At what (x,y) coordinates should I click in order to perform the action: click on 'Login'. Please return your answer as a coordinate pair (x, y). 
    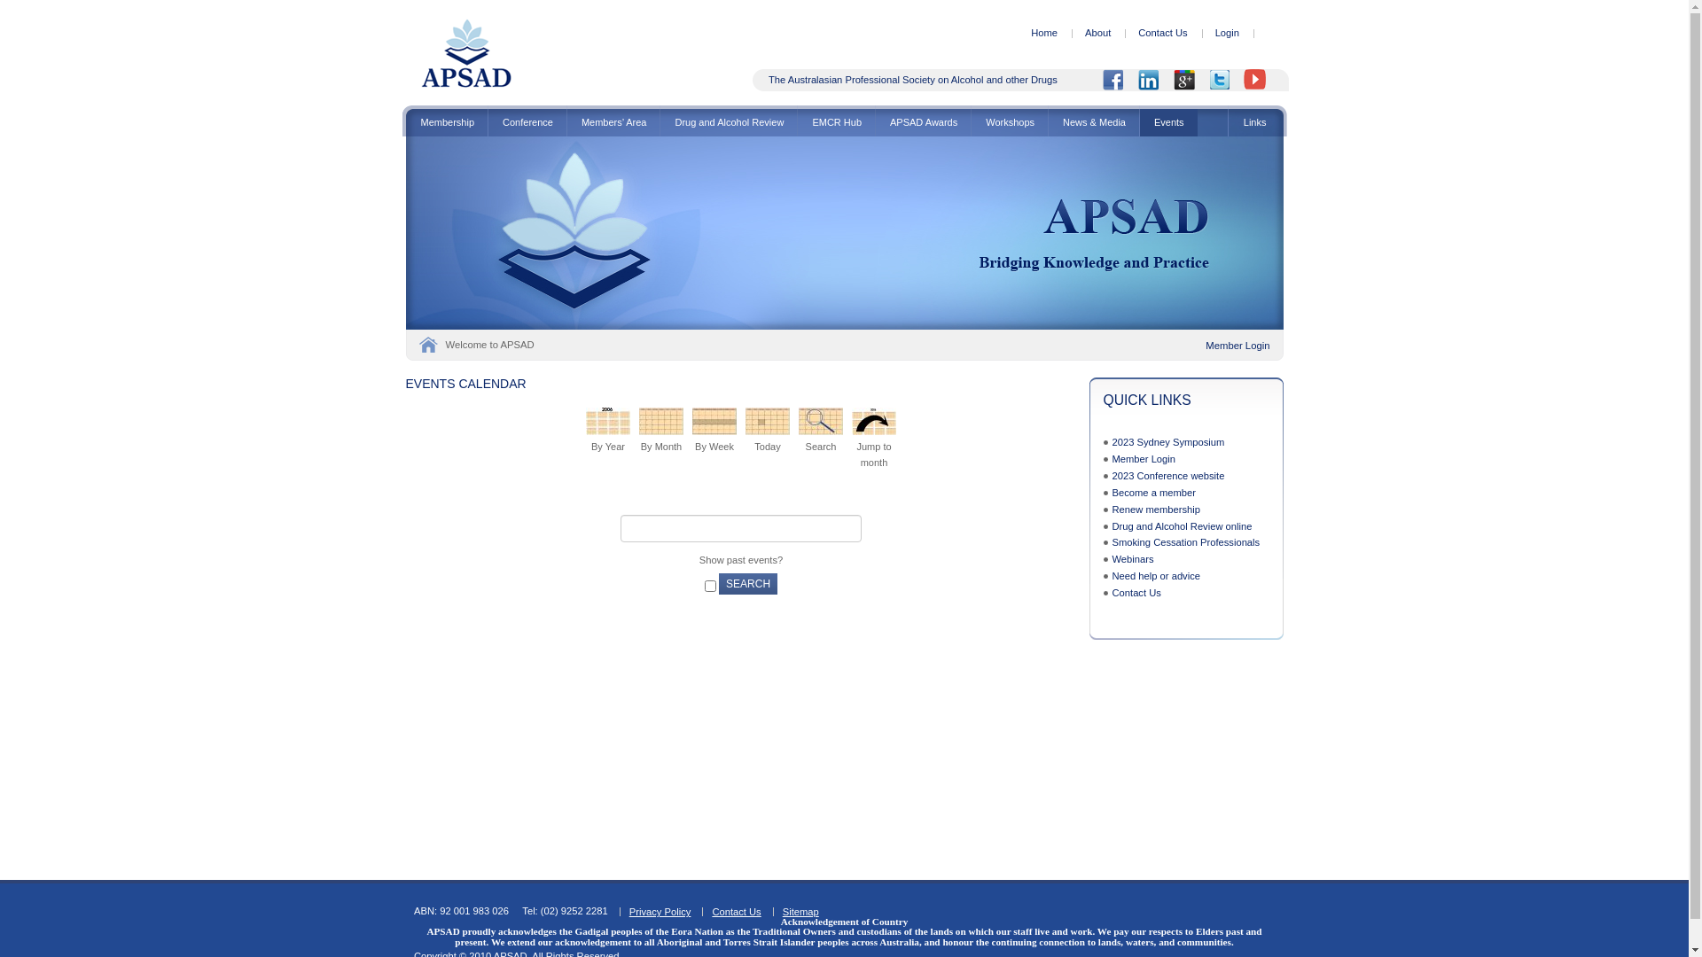
    Looking at the image, I should click on (1226, 33).